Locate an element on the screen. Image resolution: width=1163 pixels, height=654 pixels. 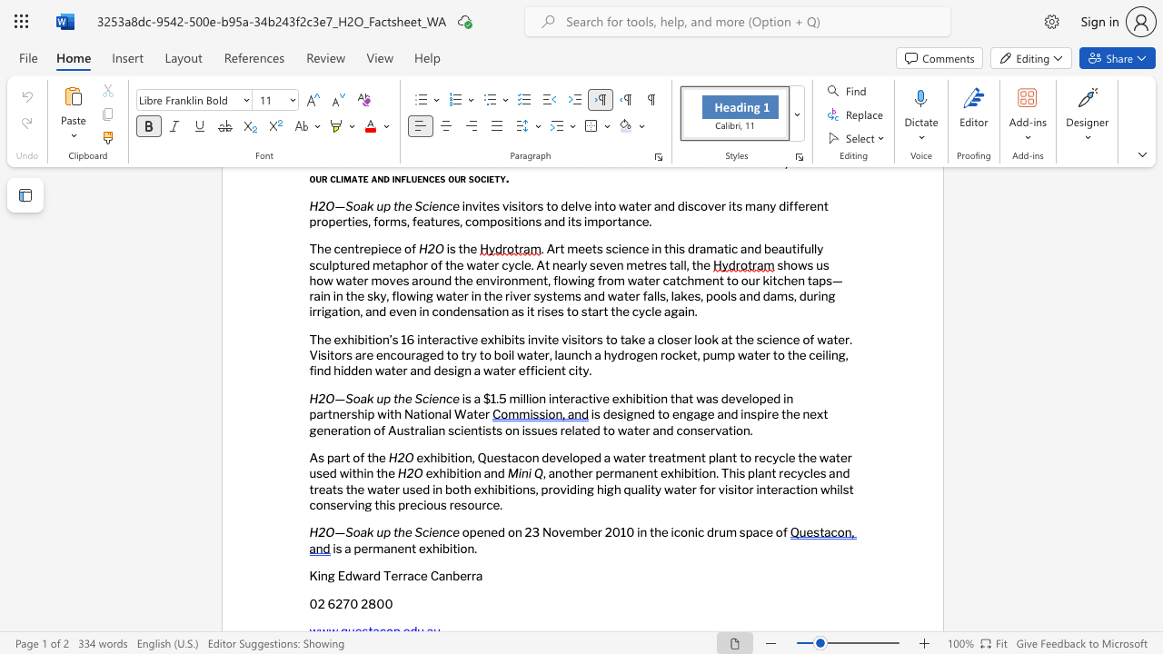
the subset text "rac" within the text "King Edward Terrace Canberra" is located at coordinates (402, 576).